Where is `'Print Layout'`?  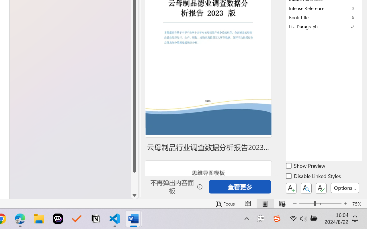 'Print Layout' is located at coordinates (265, 204).